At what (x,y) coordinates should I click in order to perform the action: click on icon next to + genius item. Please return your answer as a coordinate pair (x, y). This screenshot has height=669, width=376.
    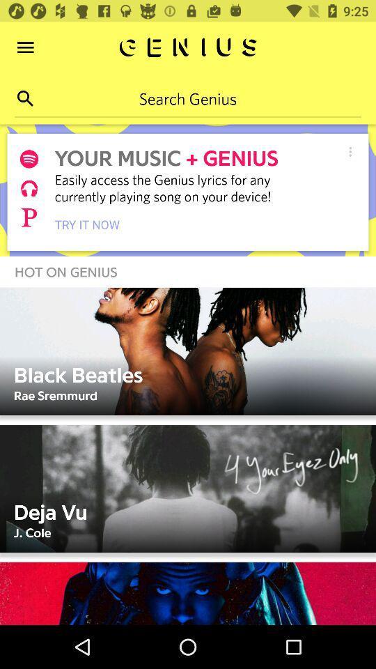
    Looking at the image, I should click on (350, 151).